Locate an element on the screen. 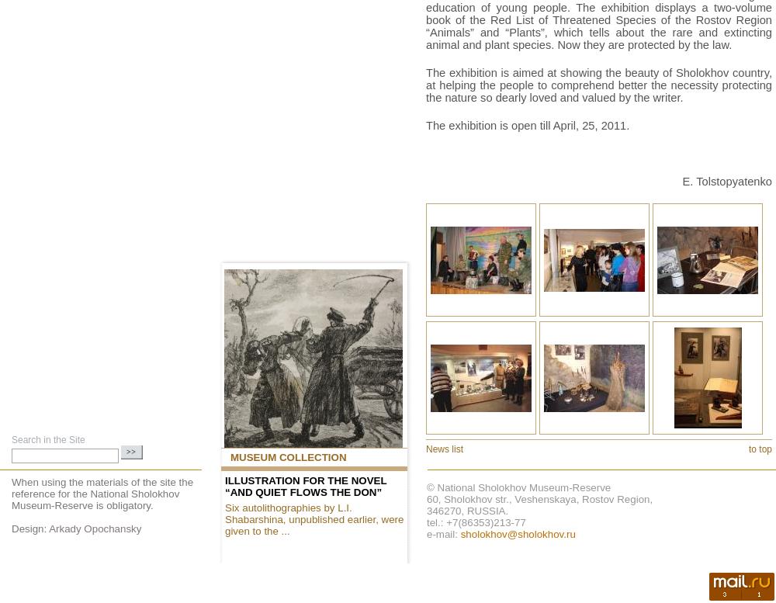 The width and height of the screenshot is (776, 603). 'The exhibition is aimed at showing the beauty of Sholokhov country, at helping the people to comprehend better the necessity protecting the nature so dearly loved and valued by the writer.' is located at coordinates (426, 85).